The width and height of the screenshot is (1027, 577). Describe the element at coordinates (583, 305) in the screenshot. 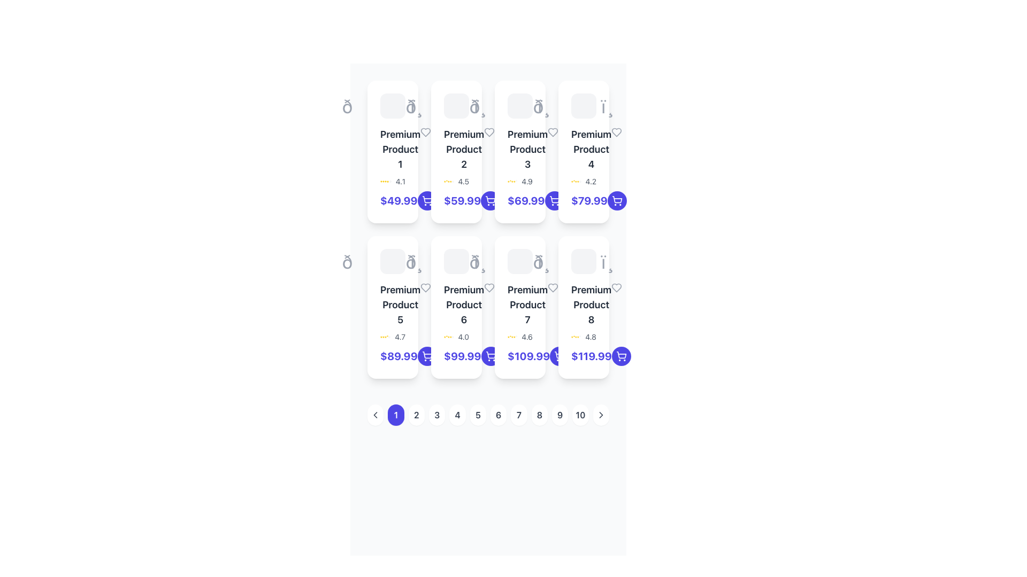

I see `the text label or header in the second row, fourth card from the left` at that location.